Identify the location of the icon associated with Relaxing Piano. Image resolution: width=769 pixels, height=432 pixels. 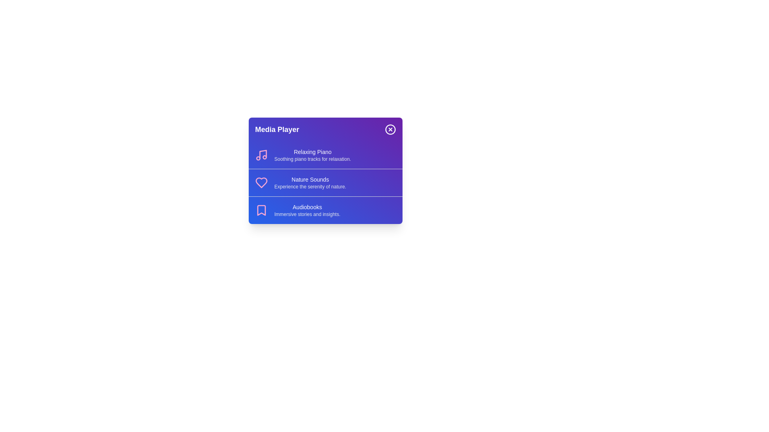
(261, 155).